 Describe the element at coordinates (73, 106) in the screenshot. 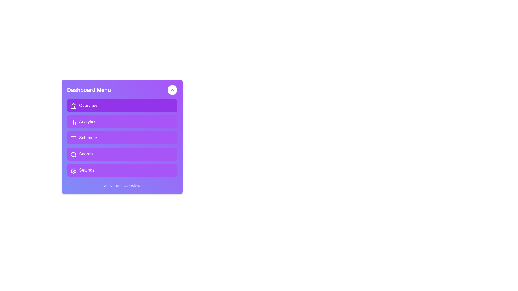

I see `the home/overview SVG icon located on the left side of the active 'Overview' item in the navigation menu` at that location.